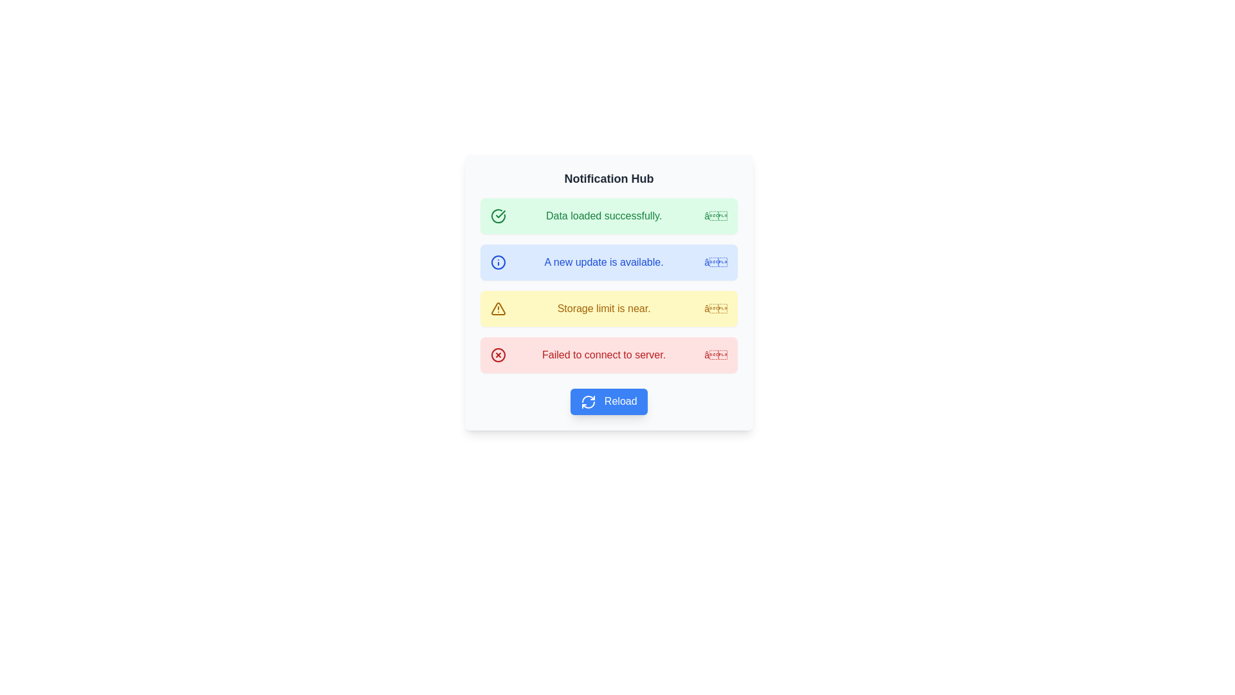  I want to click on success notification text located centrally in the first notification box, which indicates that data has been successfully loaded, so click(603, 215).